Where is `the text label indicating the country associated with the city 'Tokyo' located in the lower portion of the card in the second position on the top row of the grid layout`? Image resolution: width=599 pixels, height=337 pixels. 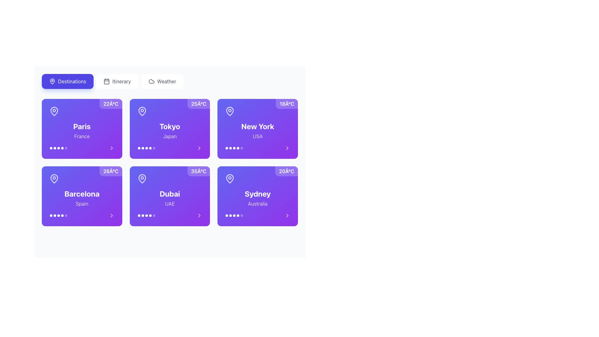 the text label indicating the country associated with the city 'Tokyo' located in the lower portion of the card in the second position on the top row of the grid layout is located at coordinates (170, 136).